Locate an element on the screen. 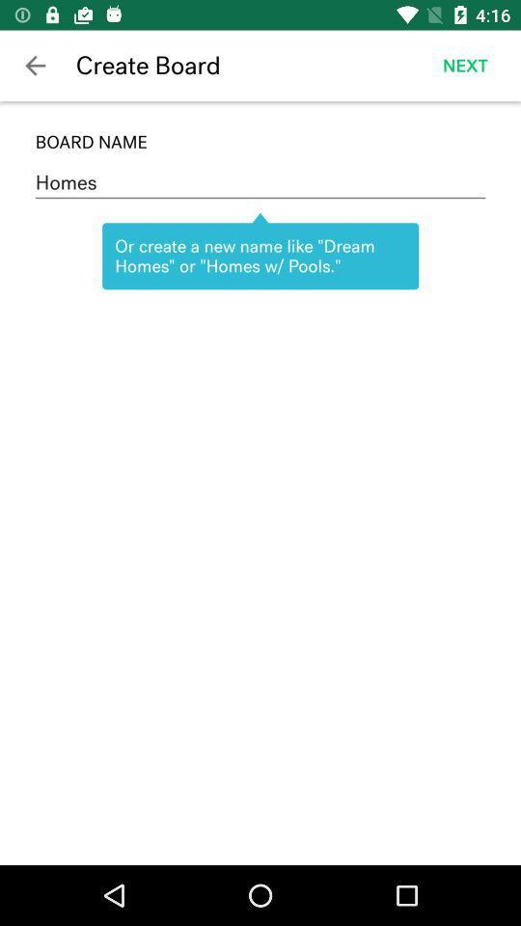  the app next to the create board item is located at coordinates (464, 66).